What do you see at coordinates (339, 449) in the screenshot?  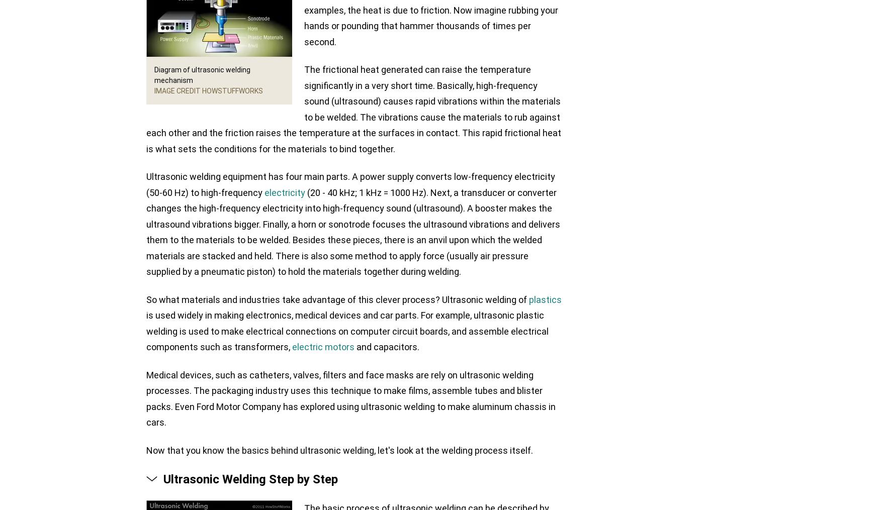 I see `'Now that you know the basics behind ultrasonic welding, let's look at the welding process itself.'` at bounding box center [339, 449].